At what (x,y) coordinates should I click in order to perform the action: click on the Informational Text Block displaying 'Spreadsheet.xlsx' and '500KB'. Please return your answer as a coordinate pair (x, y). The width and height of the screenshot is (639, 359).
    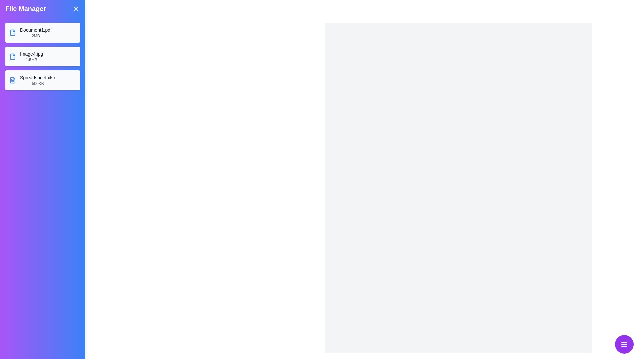
    Looking at the image, I should click on (37, 80).